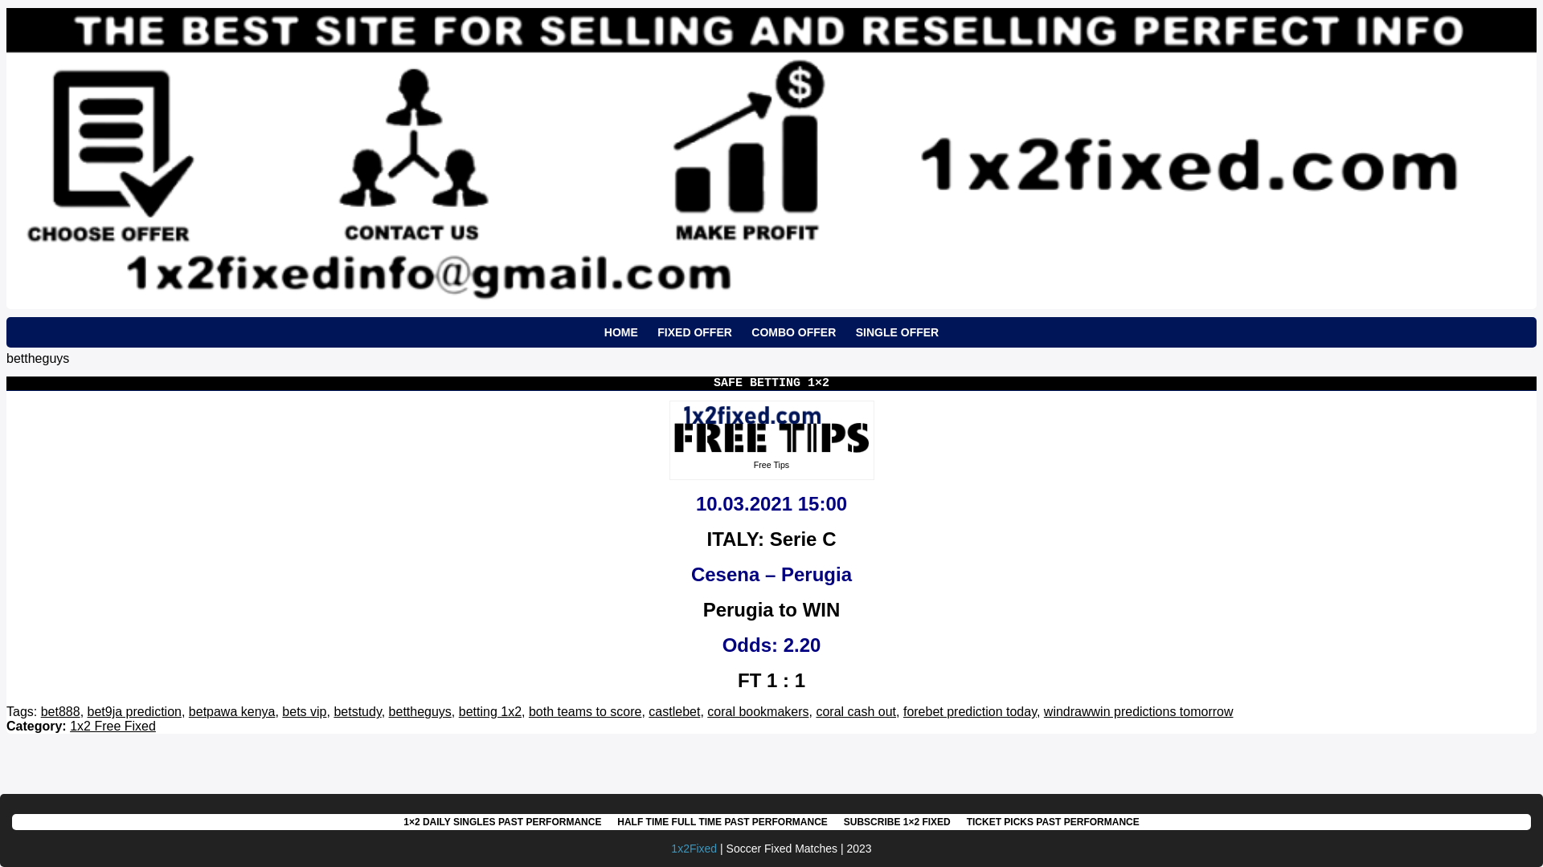 This screenshot has width=1543, height=867. Describe the element at coordinates (584, 710) in the screenshot. I see `'both teams to score'` at that location.